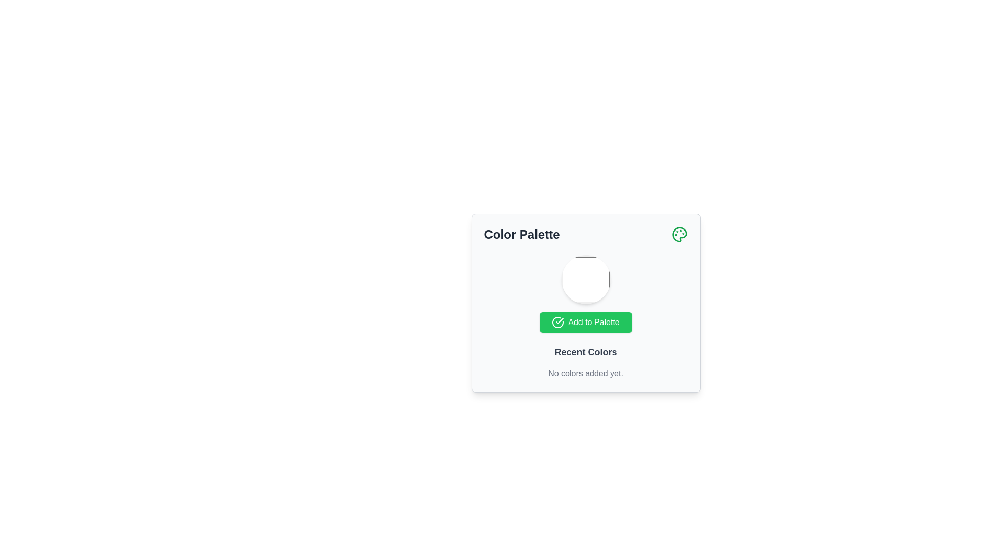  What do you see at coordinates (586, 303) in the screenshot?
I see `the 'Add to Palette' button located at the bottom of the 'Color Palette' card, which features a light gray background and rounded corners` at bounding box center [586, 303].